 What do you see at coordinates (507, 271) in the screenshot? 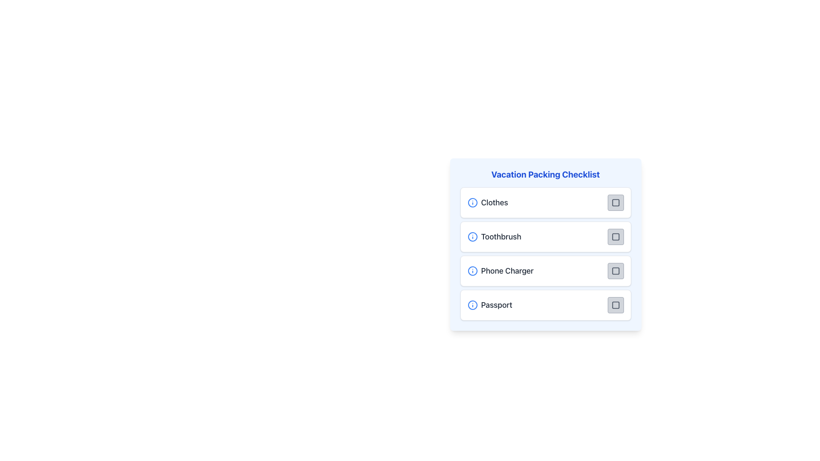
I see `the non-interactive text label that provides details about an item in the 'Vacation Packing Checklist', which is the third item in the list` at bounding box center [507, 271].